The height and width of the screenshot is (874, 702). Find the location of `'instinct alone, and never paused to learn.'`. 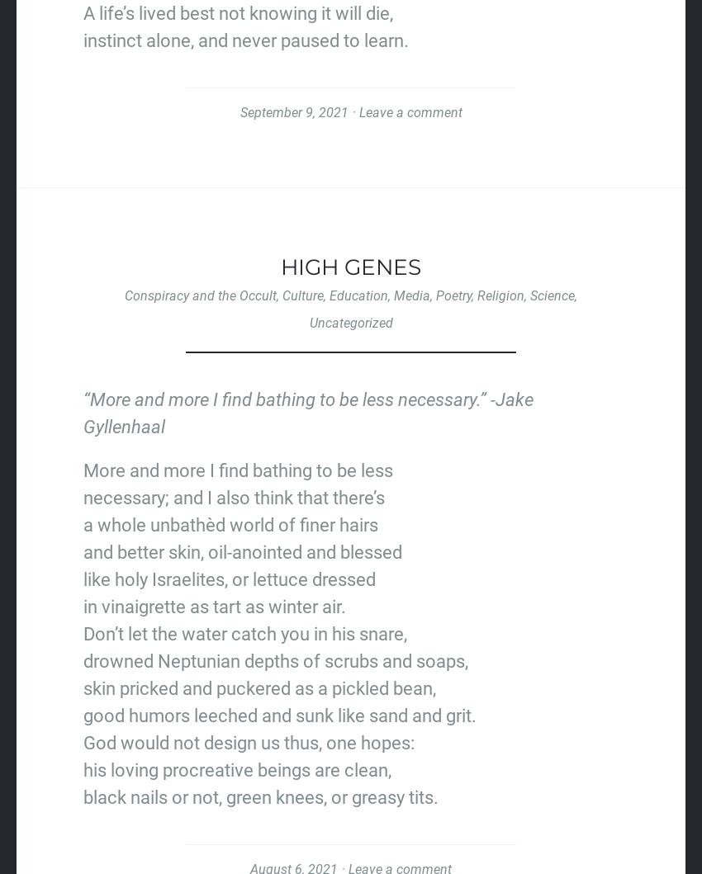

'instinct alone, and never paused to learn.' is located at coordinates (246, 40).